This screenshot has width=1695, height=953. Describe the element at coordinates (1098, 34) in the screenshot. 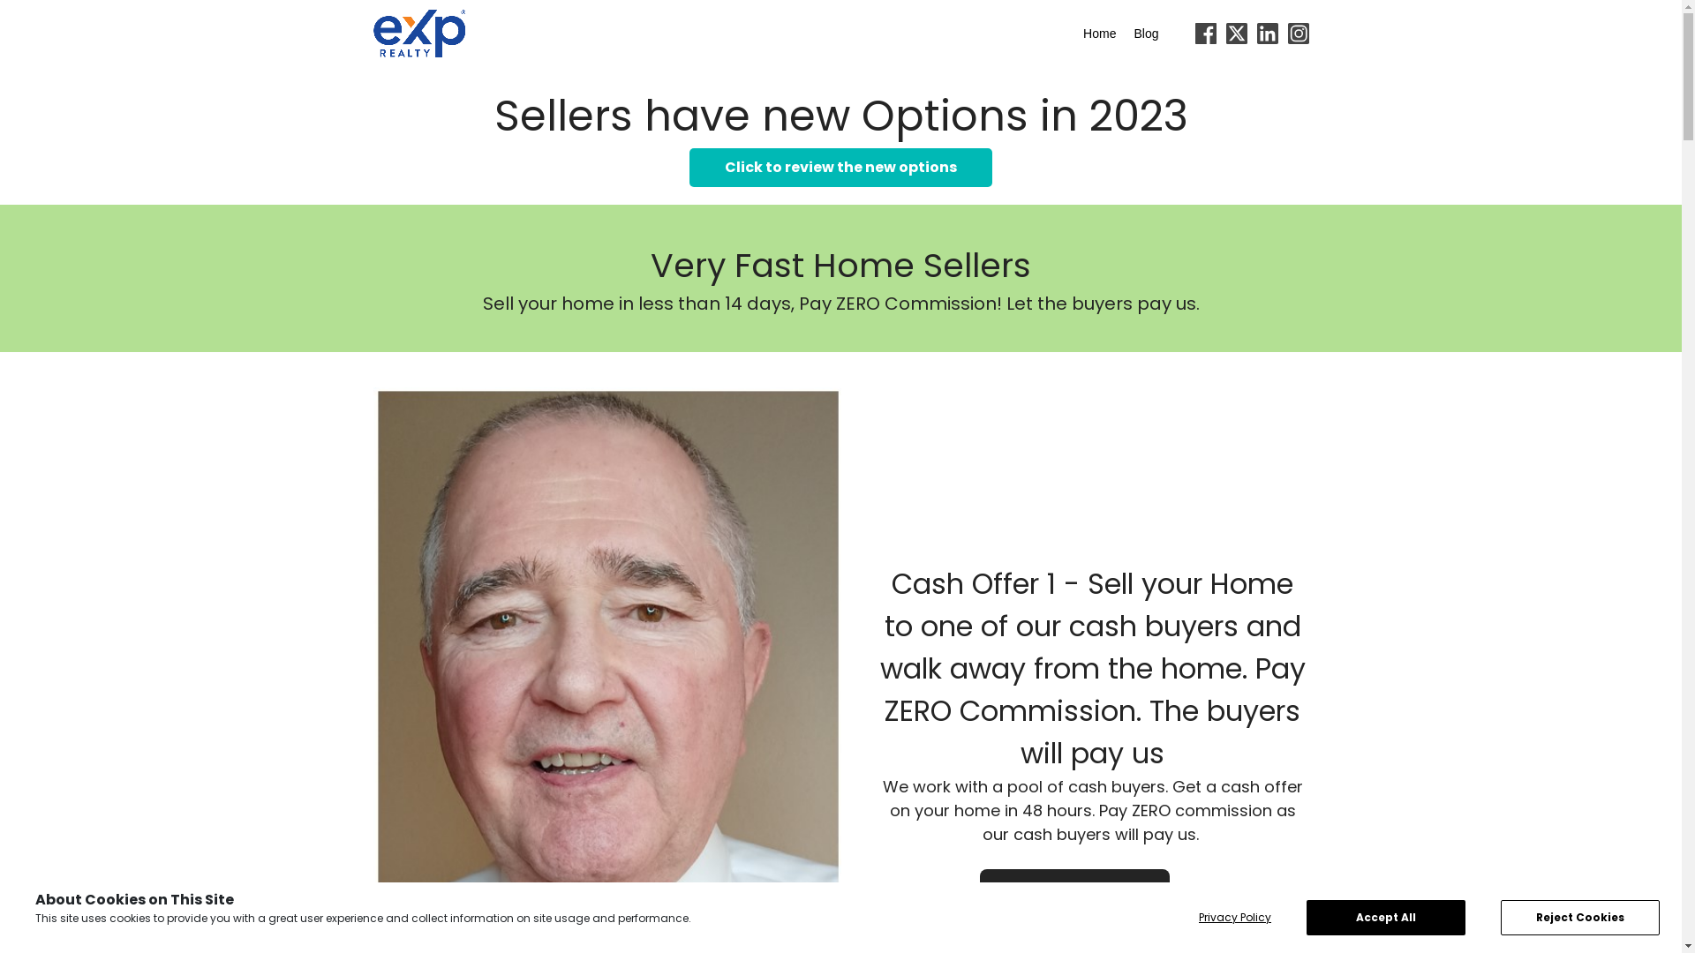

I see `'Home'` at that location.